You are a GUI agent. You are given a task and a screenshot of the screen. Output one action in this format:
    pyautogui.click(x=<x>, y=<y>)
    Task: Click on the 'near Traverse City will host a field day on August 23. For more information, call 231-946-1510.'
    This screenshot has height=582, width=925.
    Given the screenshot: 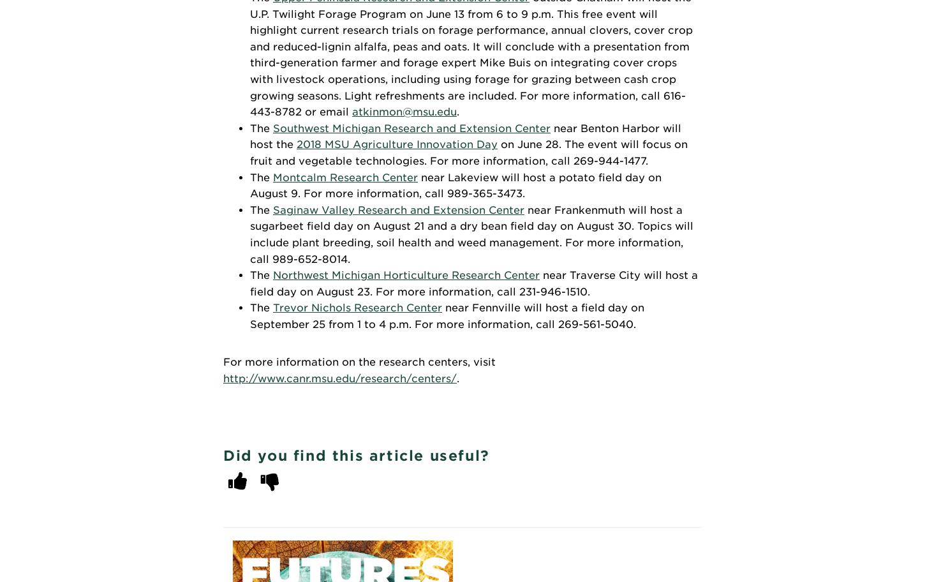 What is the action you would take?
    pyautogui.click(x=473, y=282)
    